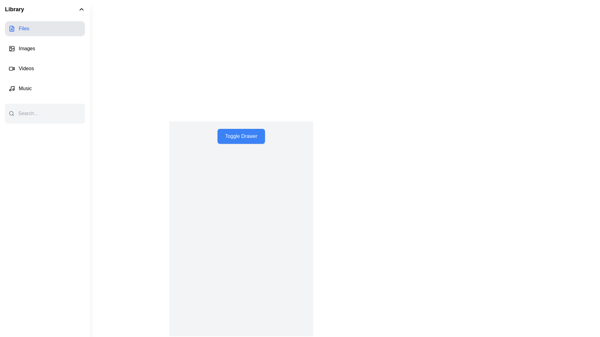 The image size is (600, 337). I want to click on the 'Images' menu item, which is the second item in the vertical menu list located in the side navigation panel, just below 'Files' and above 'Videos', so click(45, 48).